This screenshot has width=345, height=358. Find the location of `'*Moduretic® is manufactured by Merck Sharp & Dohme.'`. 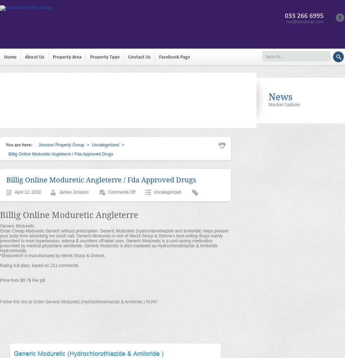

'*Moduretic® is manufactured by Merck Sharp & Dohme.' is located at coordinates (52, 256).